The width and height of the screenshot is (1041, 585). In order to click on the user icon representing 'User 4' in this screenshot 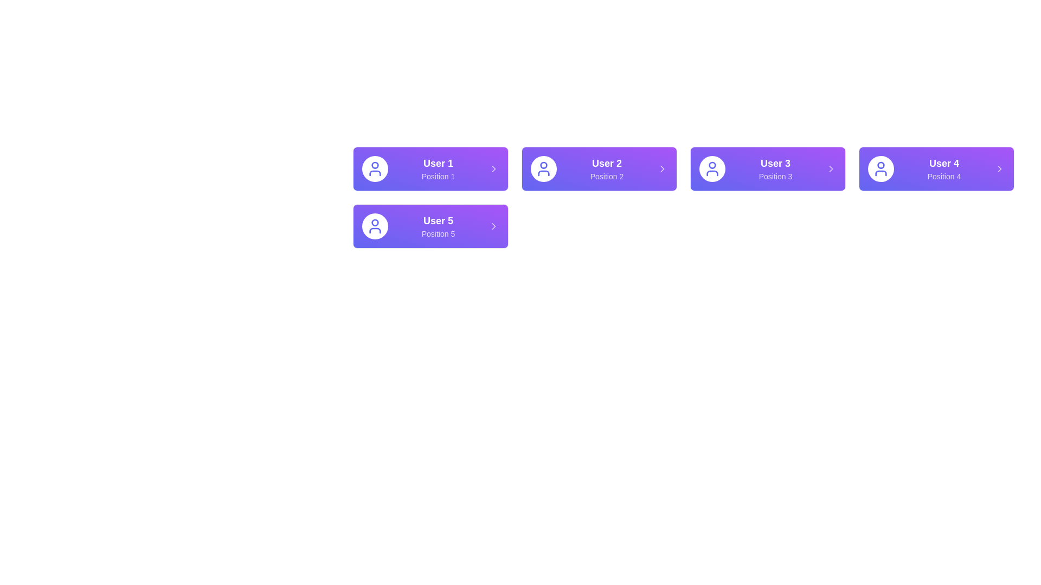, I will do `click(881, 169)`.